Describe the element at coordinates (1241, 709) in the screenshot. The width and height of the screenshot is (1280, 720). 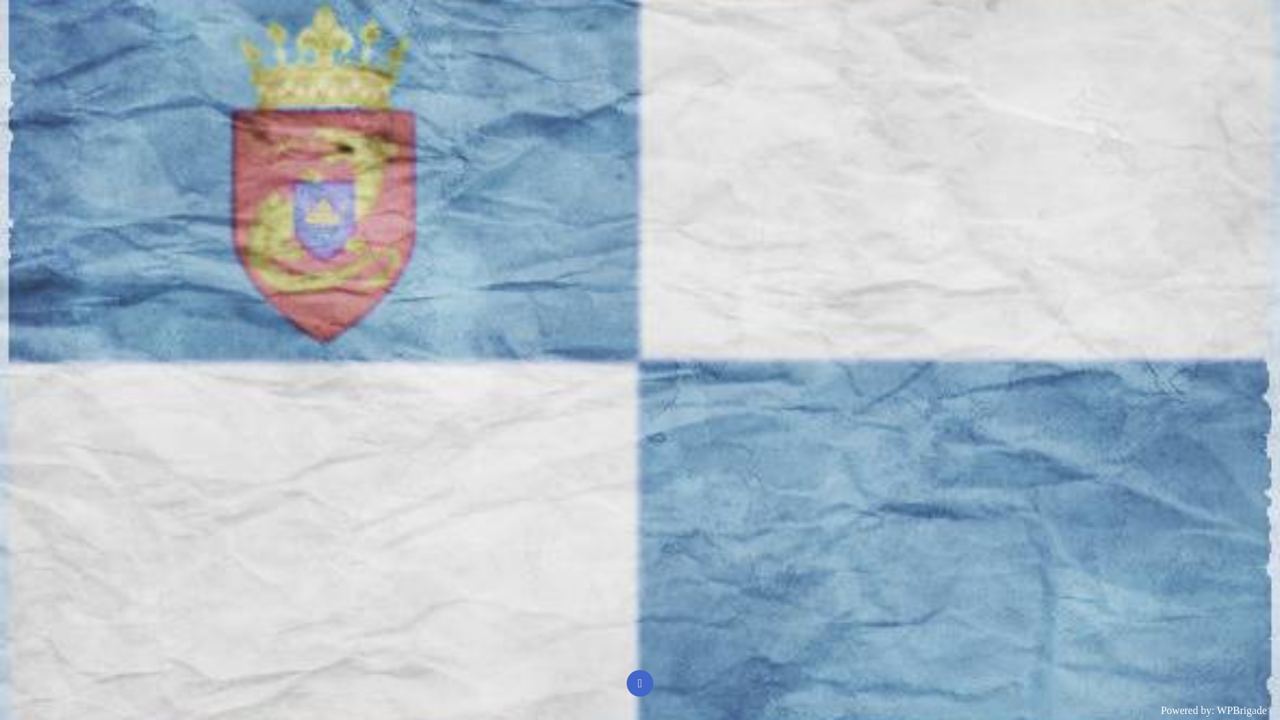
I see `'WPBrigade'` at that location.